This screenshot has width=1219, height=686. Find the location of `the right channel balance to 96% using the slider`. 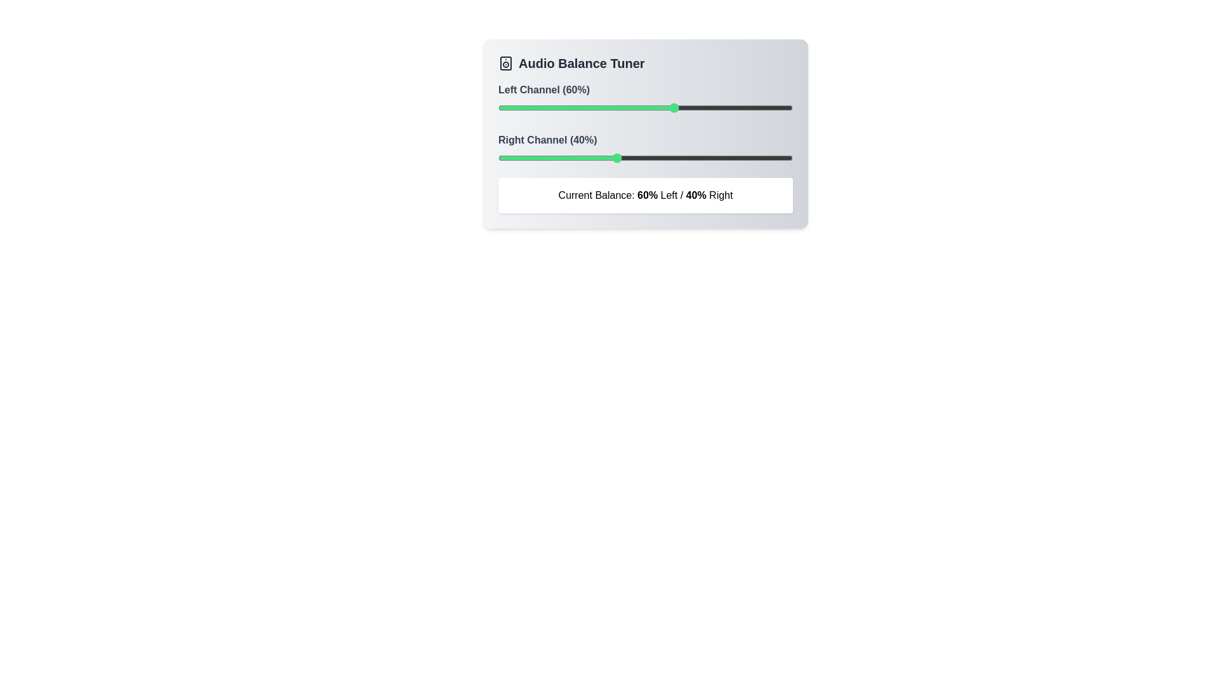

the right channel balance to 96% using the slider is located at coordinates (780, 158).